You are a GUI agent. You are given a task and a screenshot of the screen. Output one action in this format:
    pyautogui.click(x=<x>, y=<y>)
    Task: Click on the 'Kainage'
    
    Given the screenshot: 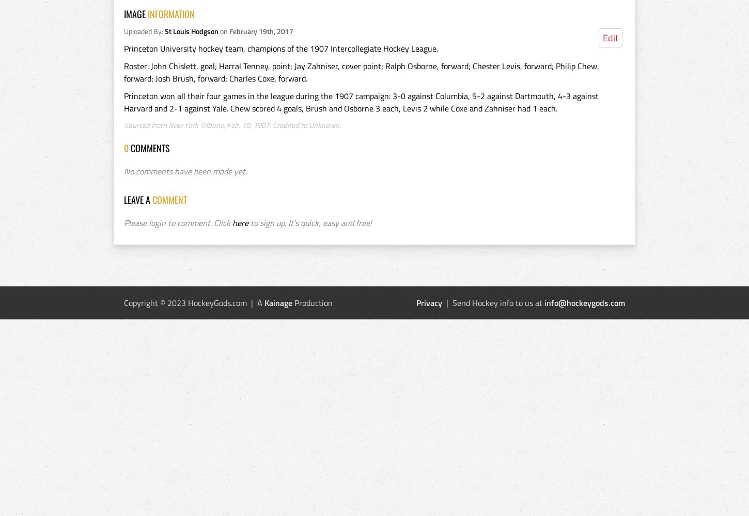 What is the action you would take?
    pyautogui.click(x=278, y=302)
    